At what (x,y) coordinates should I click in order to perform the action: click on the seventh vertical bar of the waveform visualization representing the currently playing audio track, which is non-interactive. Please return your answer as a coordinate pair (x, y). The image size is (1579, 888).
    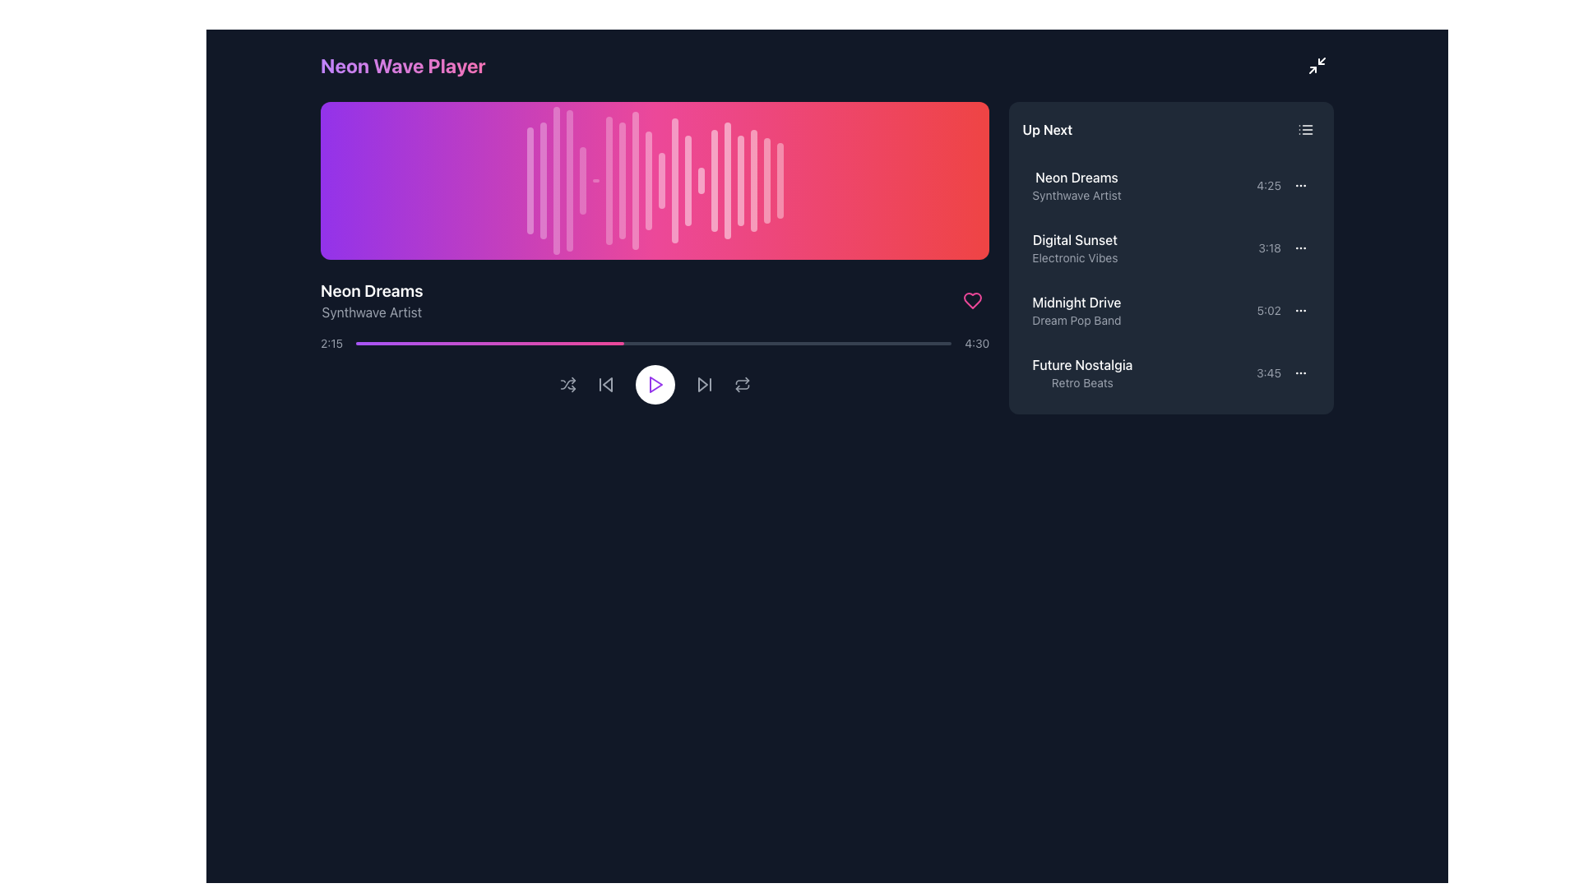
    Looking at the image, I should click on (608, 180).